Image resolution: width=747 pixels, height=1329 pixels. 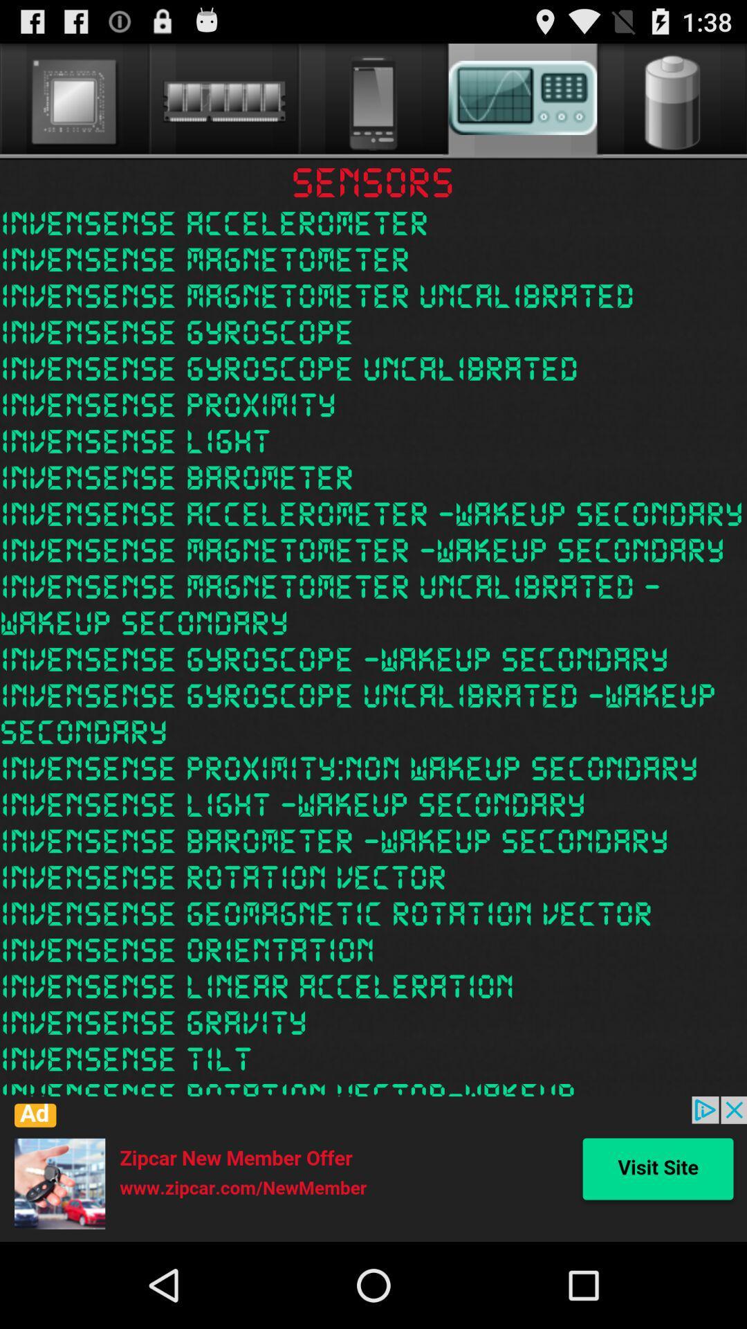 What do you see at coordinates (373, 1168) in the screenshot?
I see `advertising advertisement` at bounding box center [373, 1168].